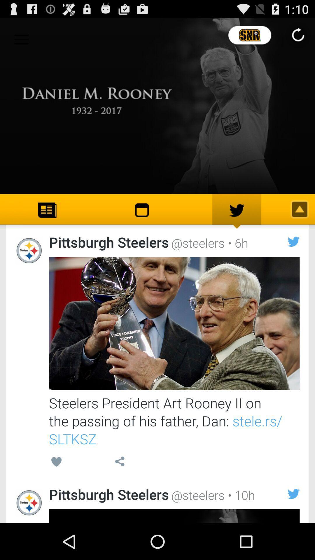  I want to click on open post, so click(174, 323).